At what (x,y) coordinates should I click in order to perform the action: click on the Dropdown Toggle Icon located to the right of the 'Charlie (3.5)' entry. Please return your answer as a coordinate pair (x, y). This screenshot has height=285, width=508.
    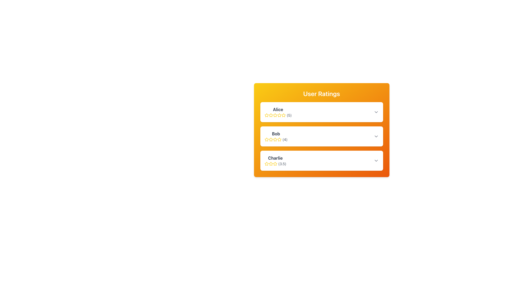
    Looking at the image, I should click on (376, 160).